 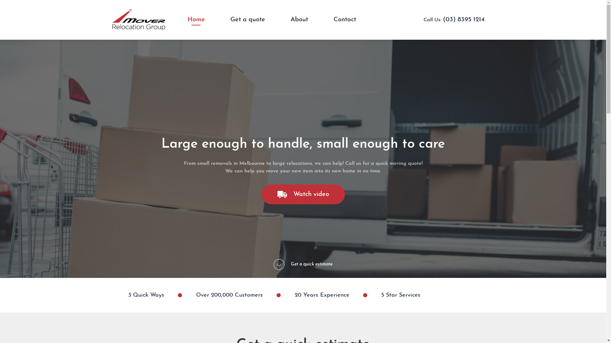 What do you see at coordinates (195, 19) in the screenshot?
I see `'Home'` at bounding box center [195, 19].